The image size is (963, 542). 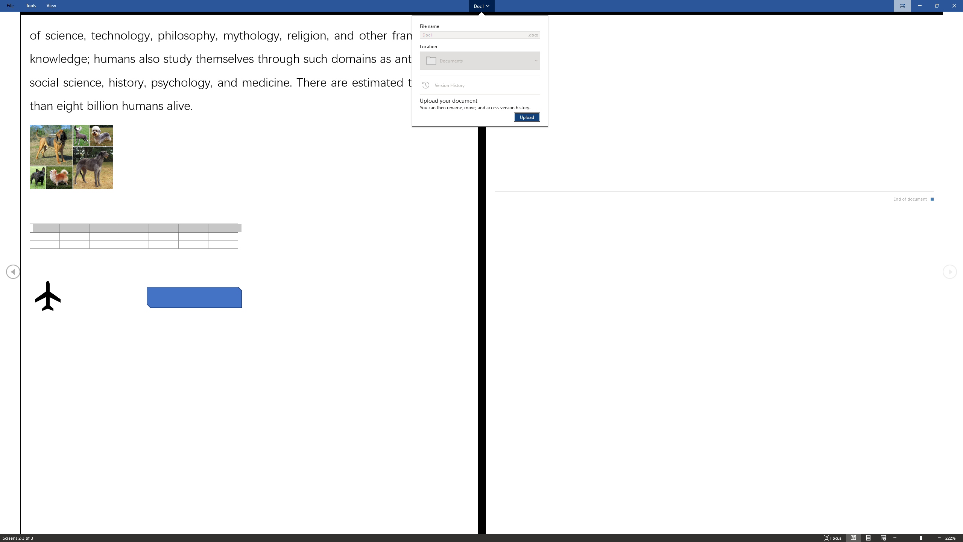 I want to click on 'Rectangle: Diagonal Corners Snipped 2', so click(x=193, y=297).